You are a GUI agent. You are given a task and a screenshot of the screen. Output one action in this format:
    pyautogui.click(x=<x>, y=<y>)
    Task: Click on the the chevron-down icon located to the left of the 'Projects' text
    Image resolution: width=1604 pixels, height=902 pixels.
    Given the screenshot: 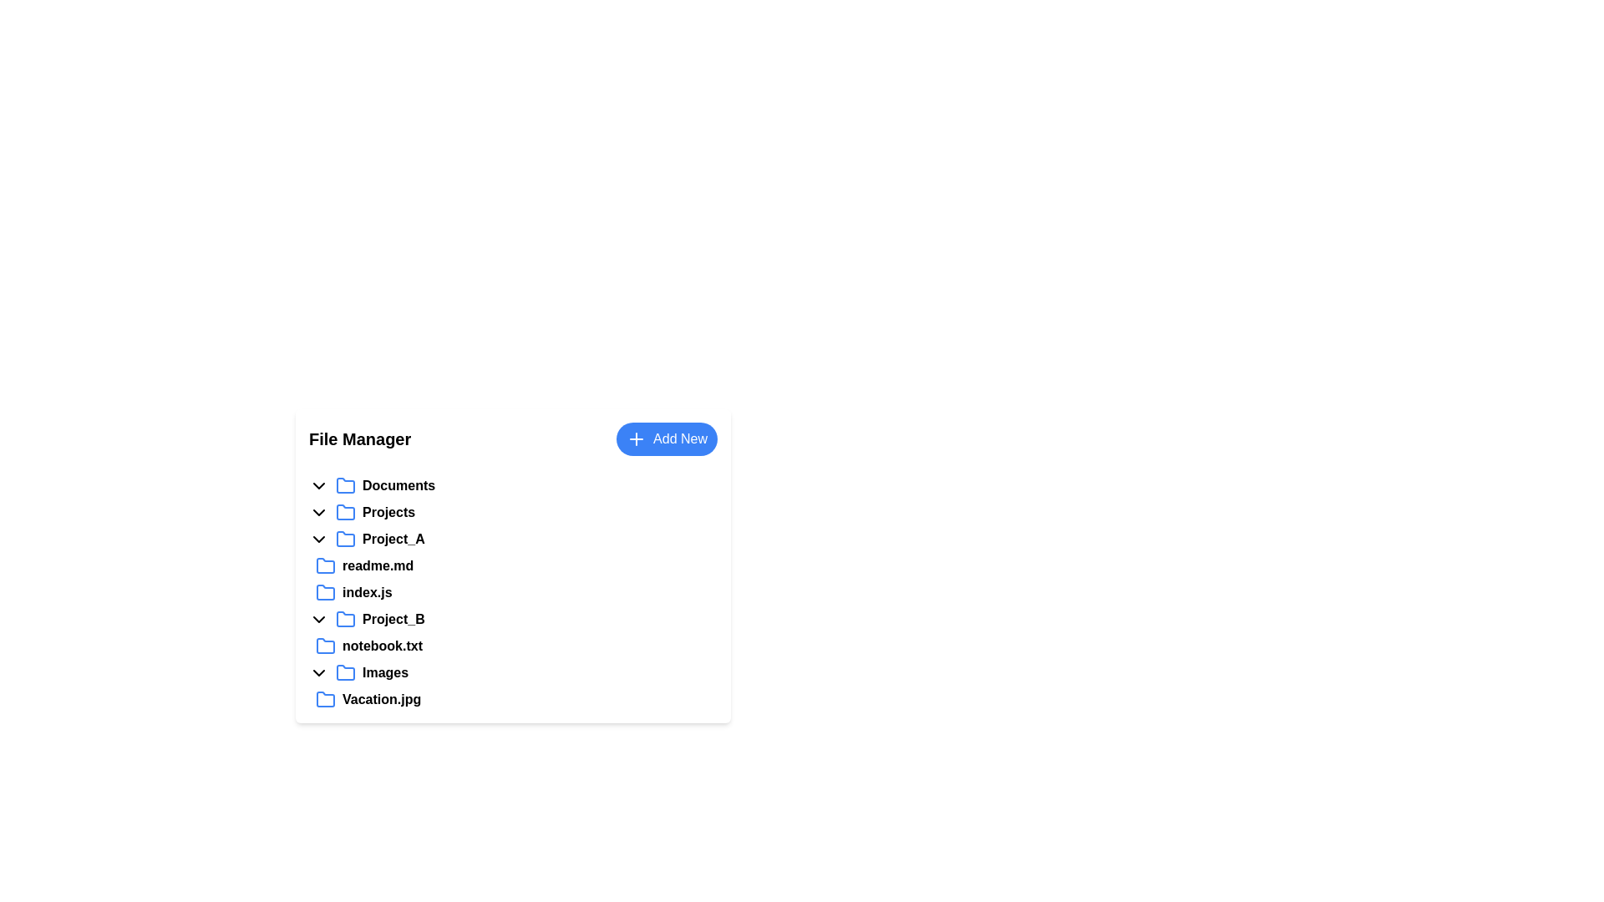 What is the action you would take?
    pyautogui.click(x=319, y=511)
    